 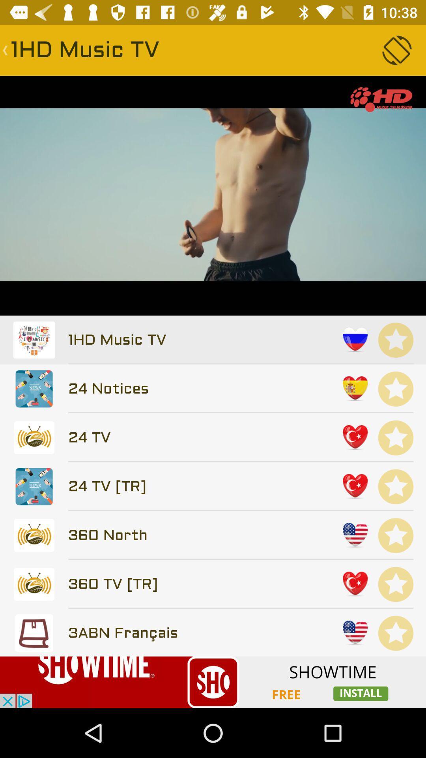 I want to click on open advertisement, so click(x=213, y=682).